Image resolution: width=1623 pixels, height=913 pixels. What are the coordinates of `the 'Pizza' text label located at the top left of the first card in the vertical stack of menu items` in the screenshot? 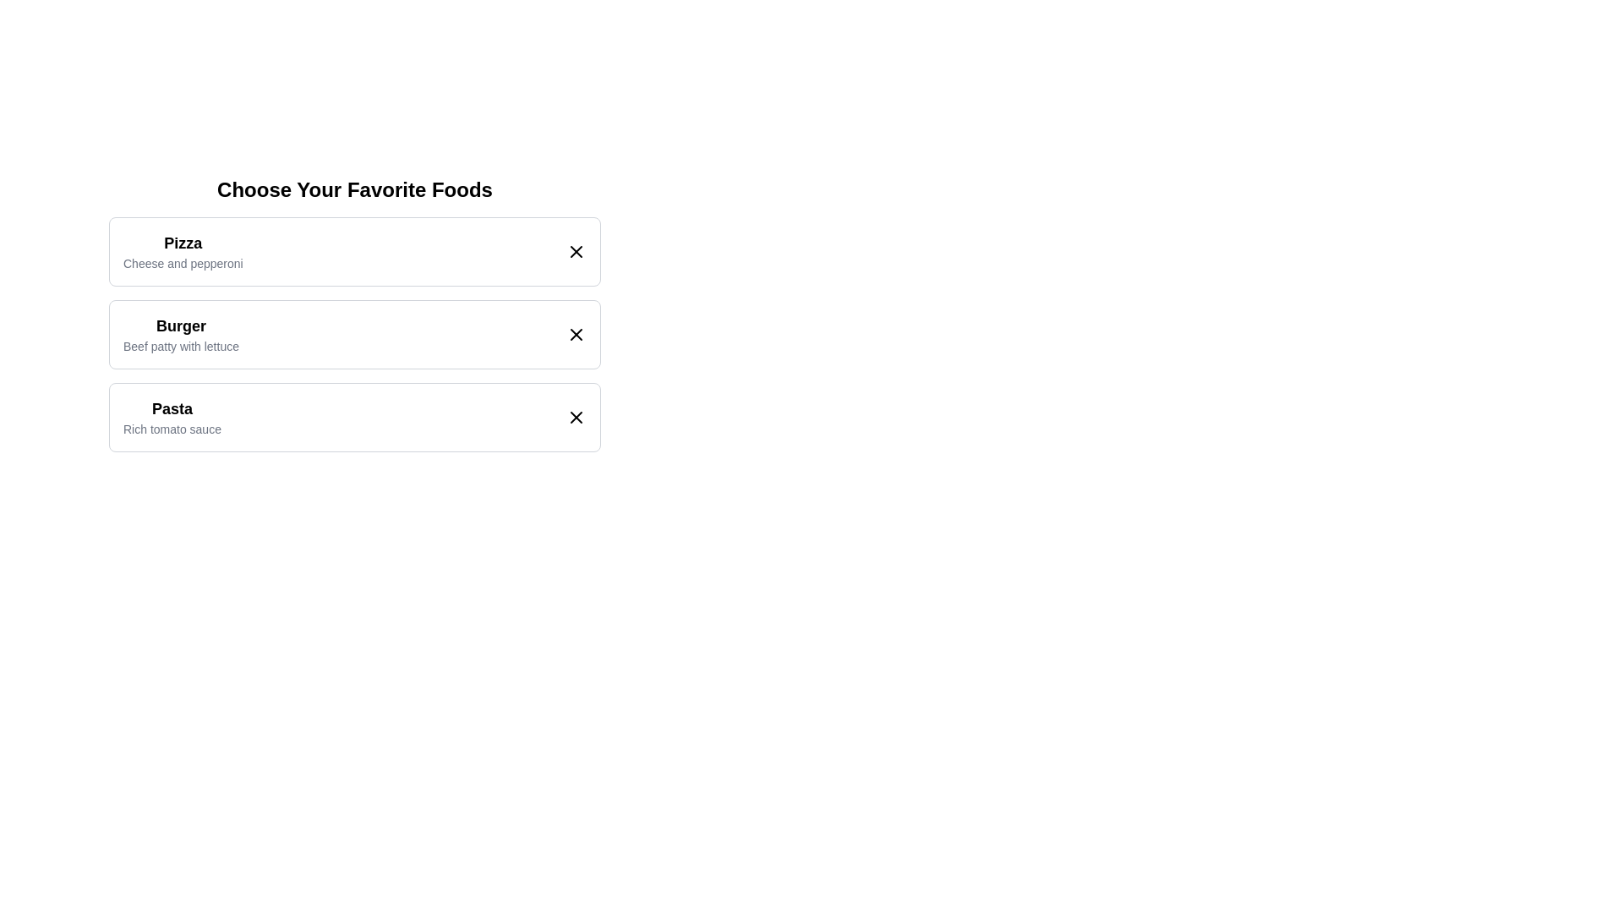 It's located at (183, 243).